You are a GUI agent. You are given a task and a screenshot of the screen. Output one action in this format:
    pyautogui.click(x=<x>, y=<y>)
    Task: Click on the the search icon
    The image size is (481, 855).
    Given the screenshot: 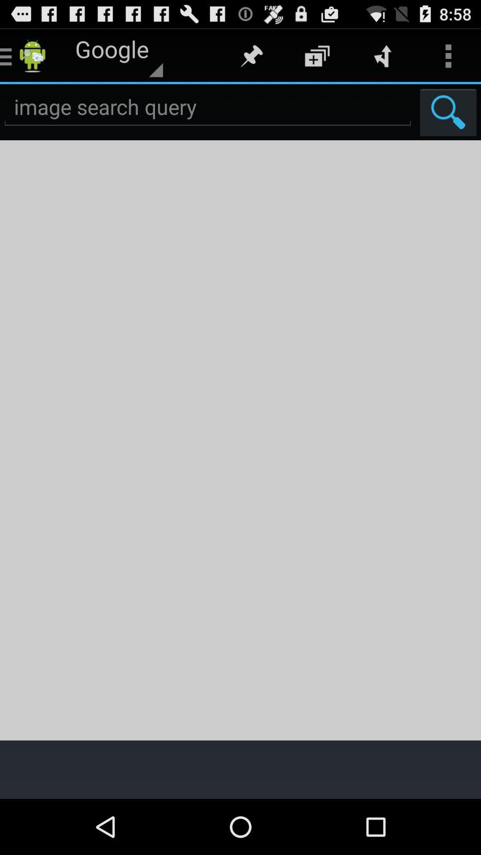 What is the action you would take?
    pyautogui.click(x=448, y=119)
    